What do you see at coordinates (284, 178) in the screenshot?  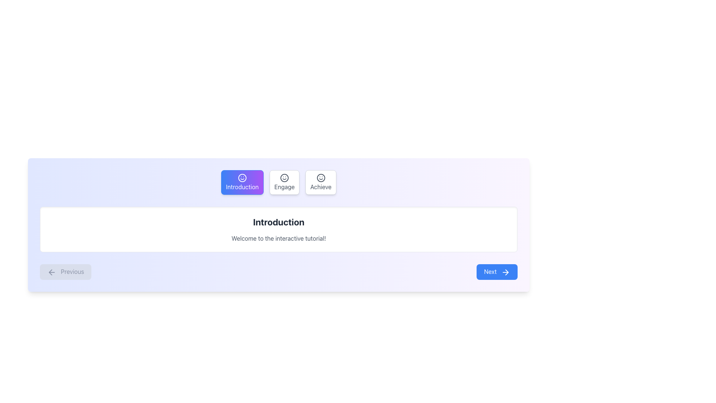 I see `the decorative icon centered within the 'Engage' button, which is the middle button in a row of three buttons labeled 'Introduction', 'Engage', and 'Achieve'` at bounding box center [284, 178].